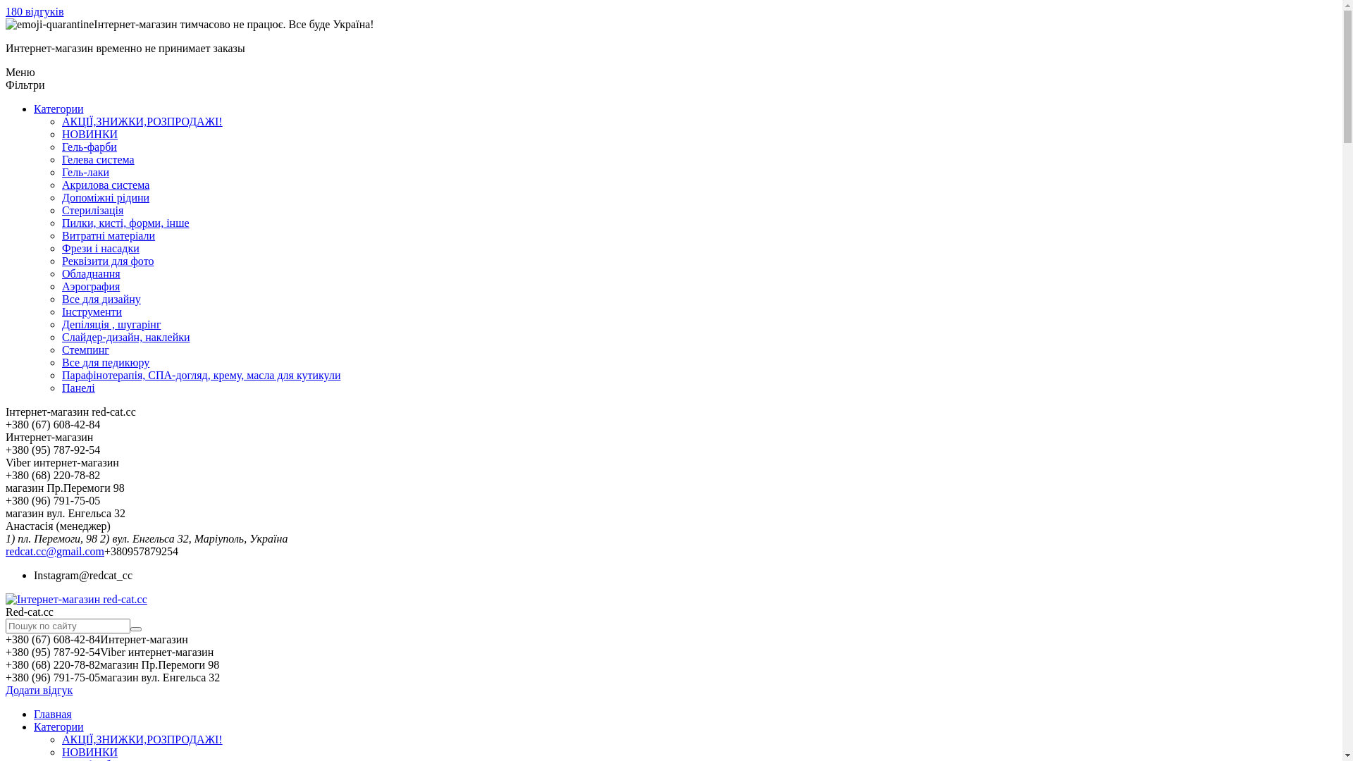 The width and height of the screenshot is (1353, 761). What do you see at coordinates (6, 550) in the screenshot?
I see `'redcat.cc@gmail.com'` at bounding box center [6, 550].